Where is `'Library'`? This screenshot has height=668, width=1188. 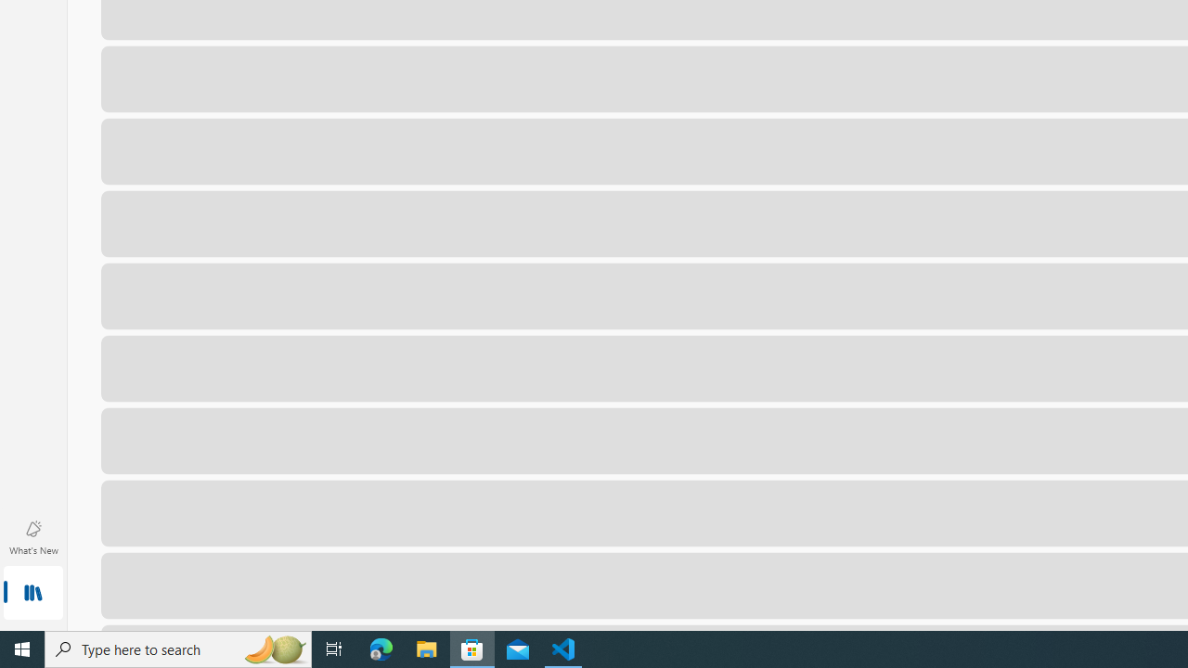 'Library' is located at coordinates (32, 594).